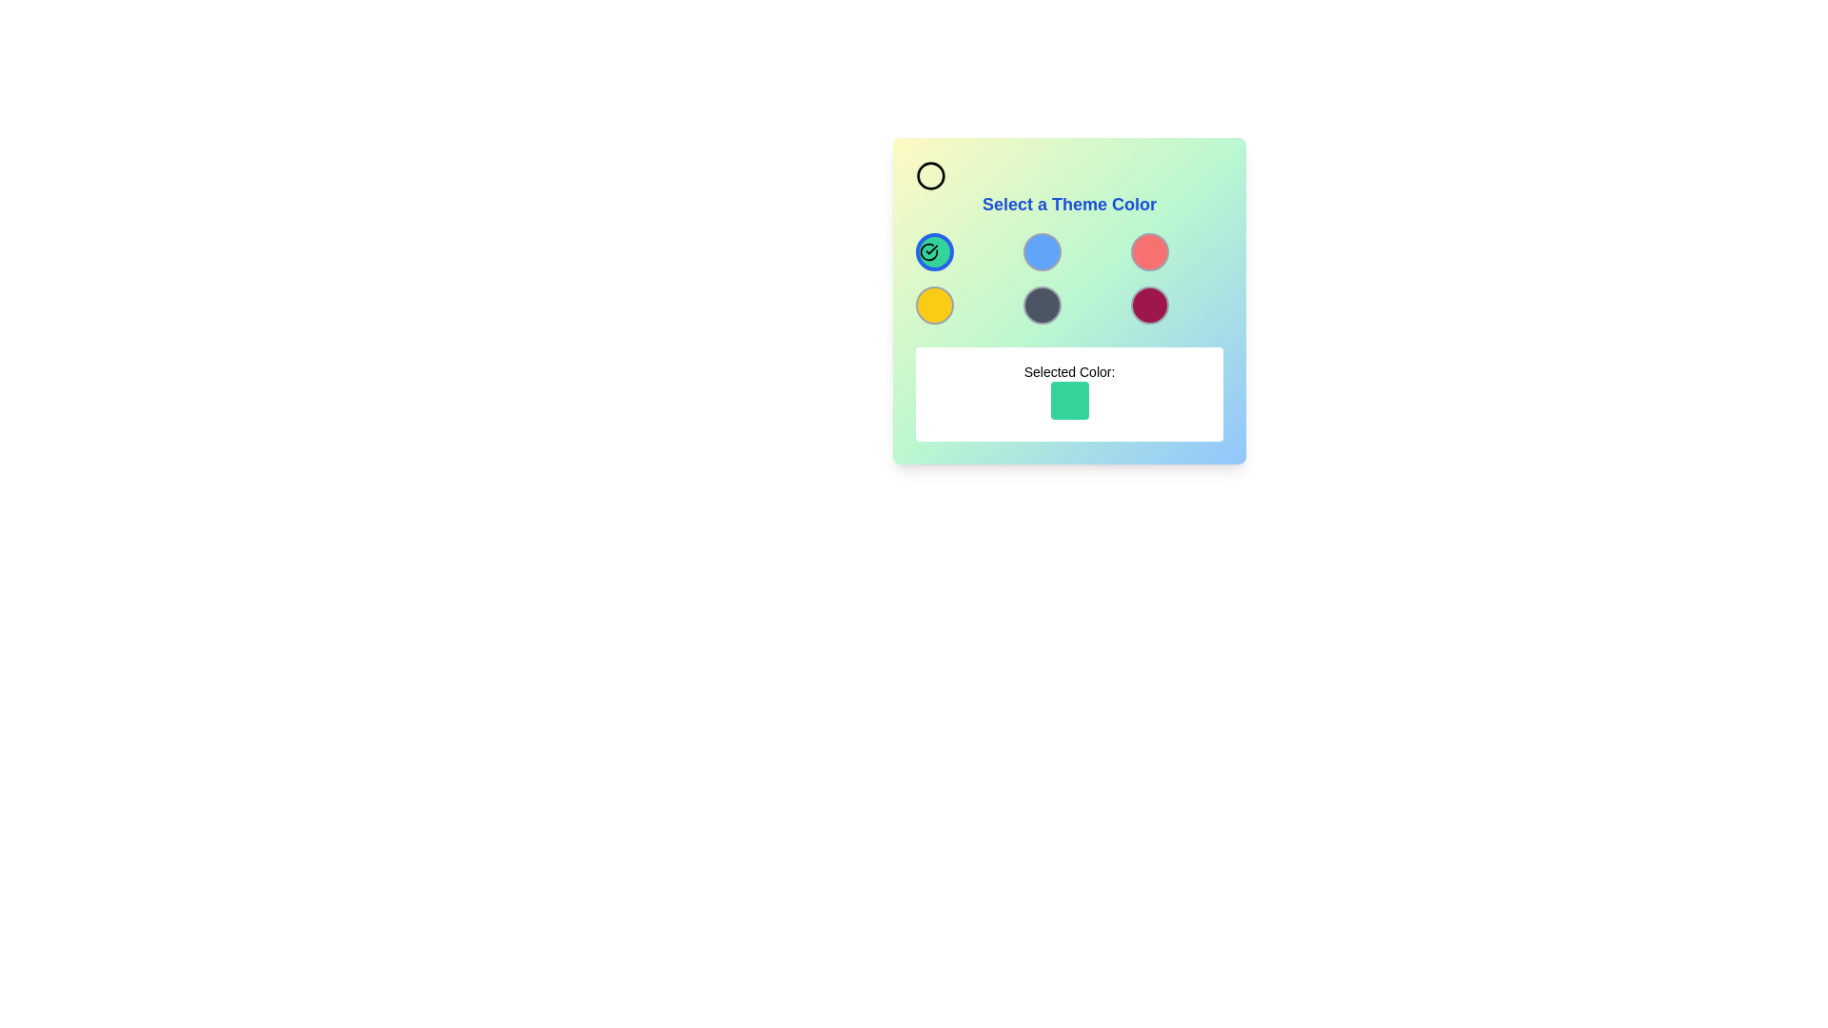 The image size is (1828, 1028). I want to click on the circular button with a green background and a bold blue border, so click(935, 251).